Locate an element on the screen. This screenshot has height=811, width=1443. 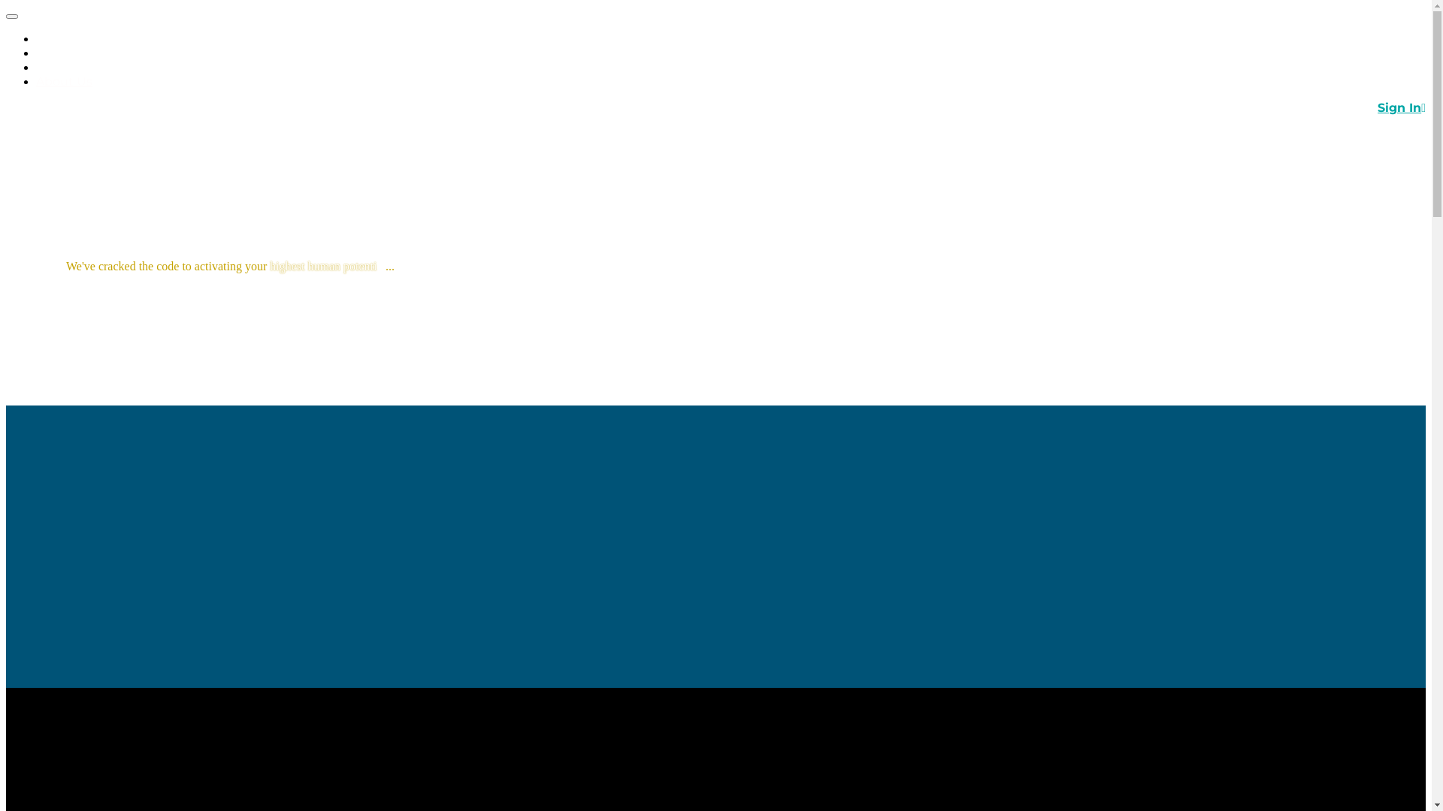
'Programs' is located at coordinates (64, 52).